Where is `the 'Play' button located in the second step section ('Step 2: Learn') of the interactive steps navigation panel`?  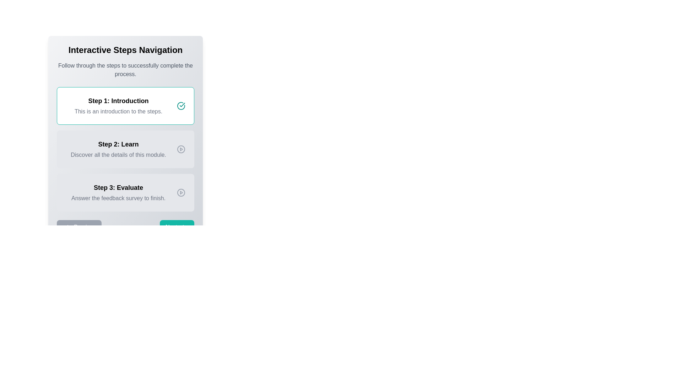
the 'Play' button located in the second step section ('Step 2: Learn') of the interactive steps navigation panel is located at coordinates (181, 149).